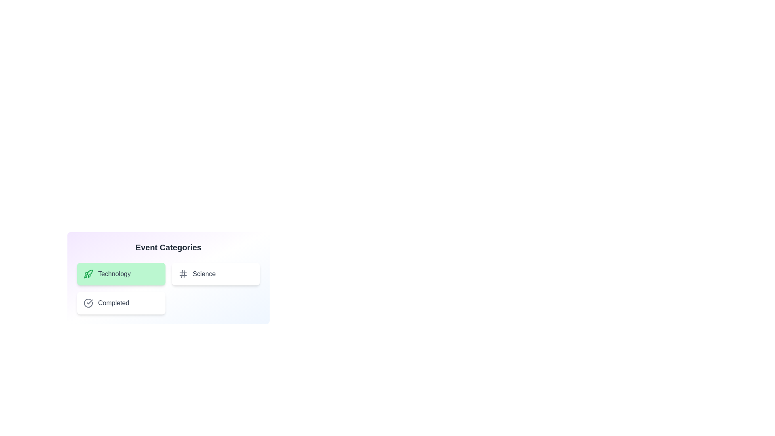 Image resolution: width=775 pixels, height=436 pixels. What do you see at coordinates (121, 273) in the screenshot?
I see `the category chip named Technology` at bounding box center [121, 273].